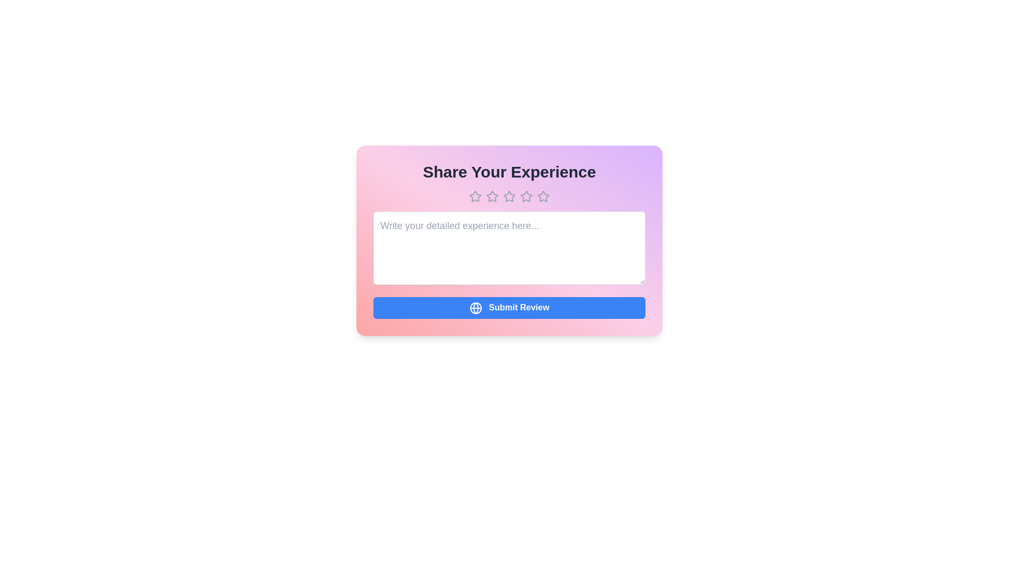 Image resolution: width=1020 pixels, height=574 pixels. I want to click on the star corresponding to 3 stars to preview the rating, so click(509, 197).